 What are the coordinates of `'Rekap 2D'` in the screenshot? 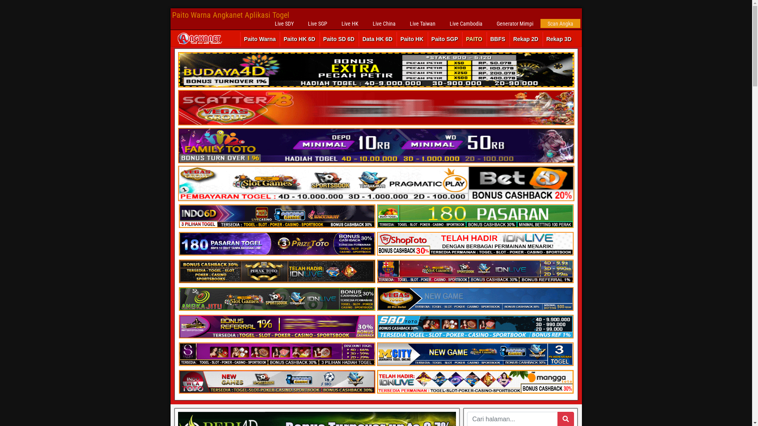 It's located at (510, 39).